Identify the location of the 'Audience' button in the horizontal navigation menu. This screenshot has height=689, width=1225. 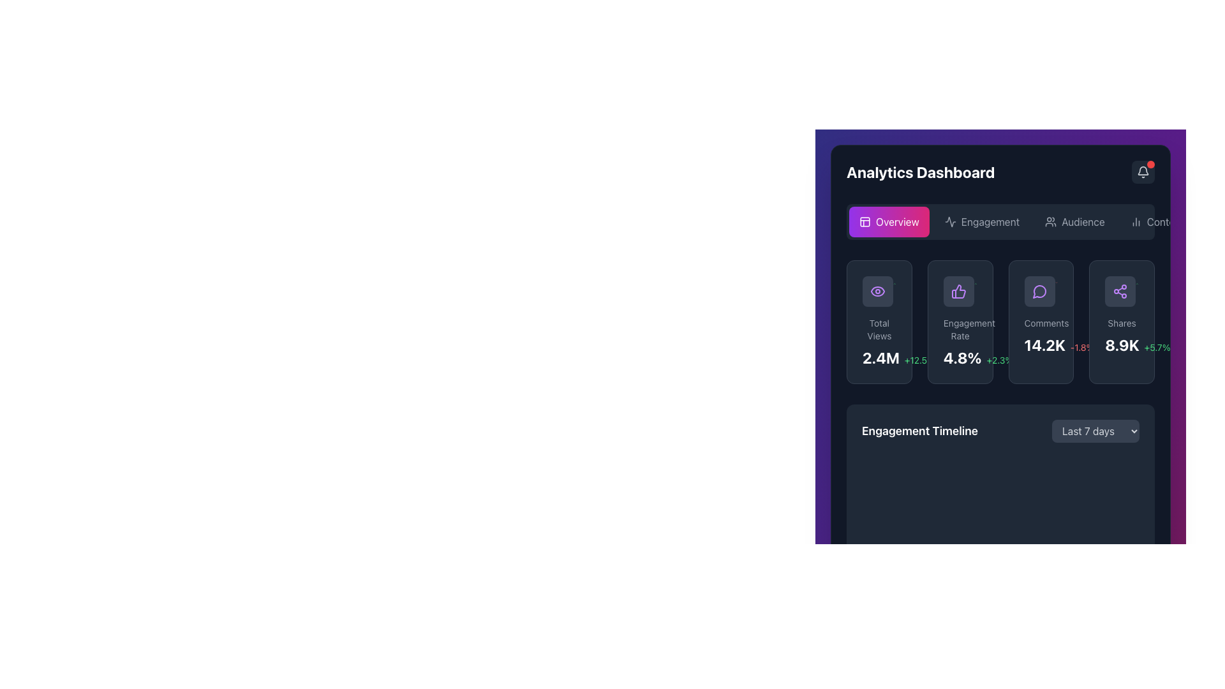
(1074, 221).